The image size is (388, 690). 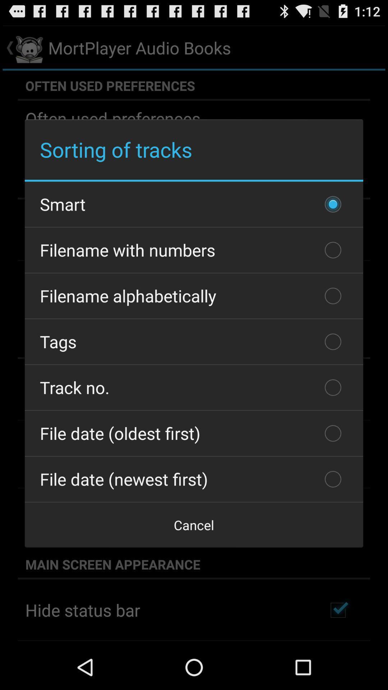 What do you see at coordinates (194, 525) in the screenshot?
I see `cancel` at bounding box center [194, 525].